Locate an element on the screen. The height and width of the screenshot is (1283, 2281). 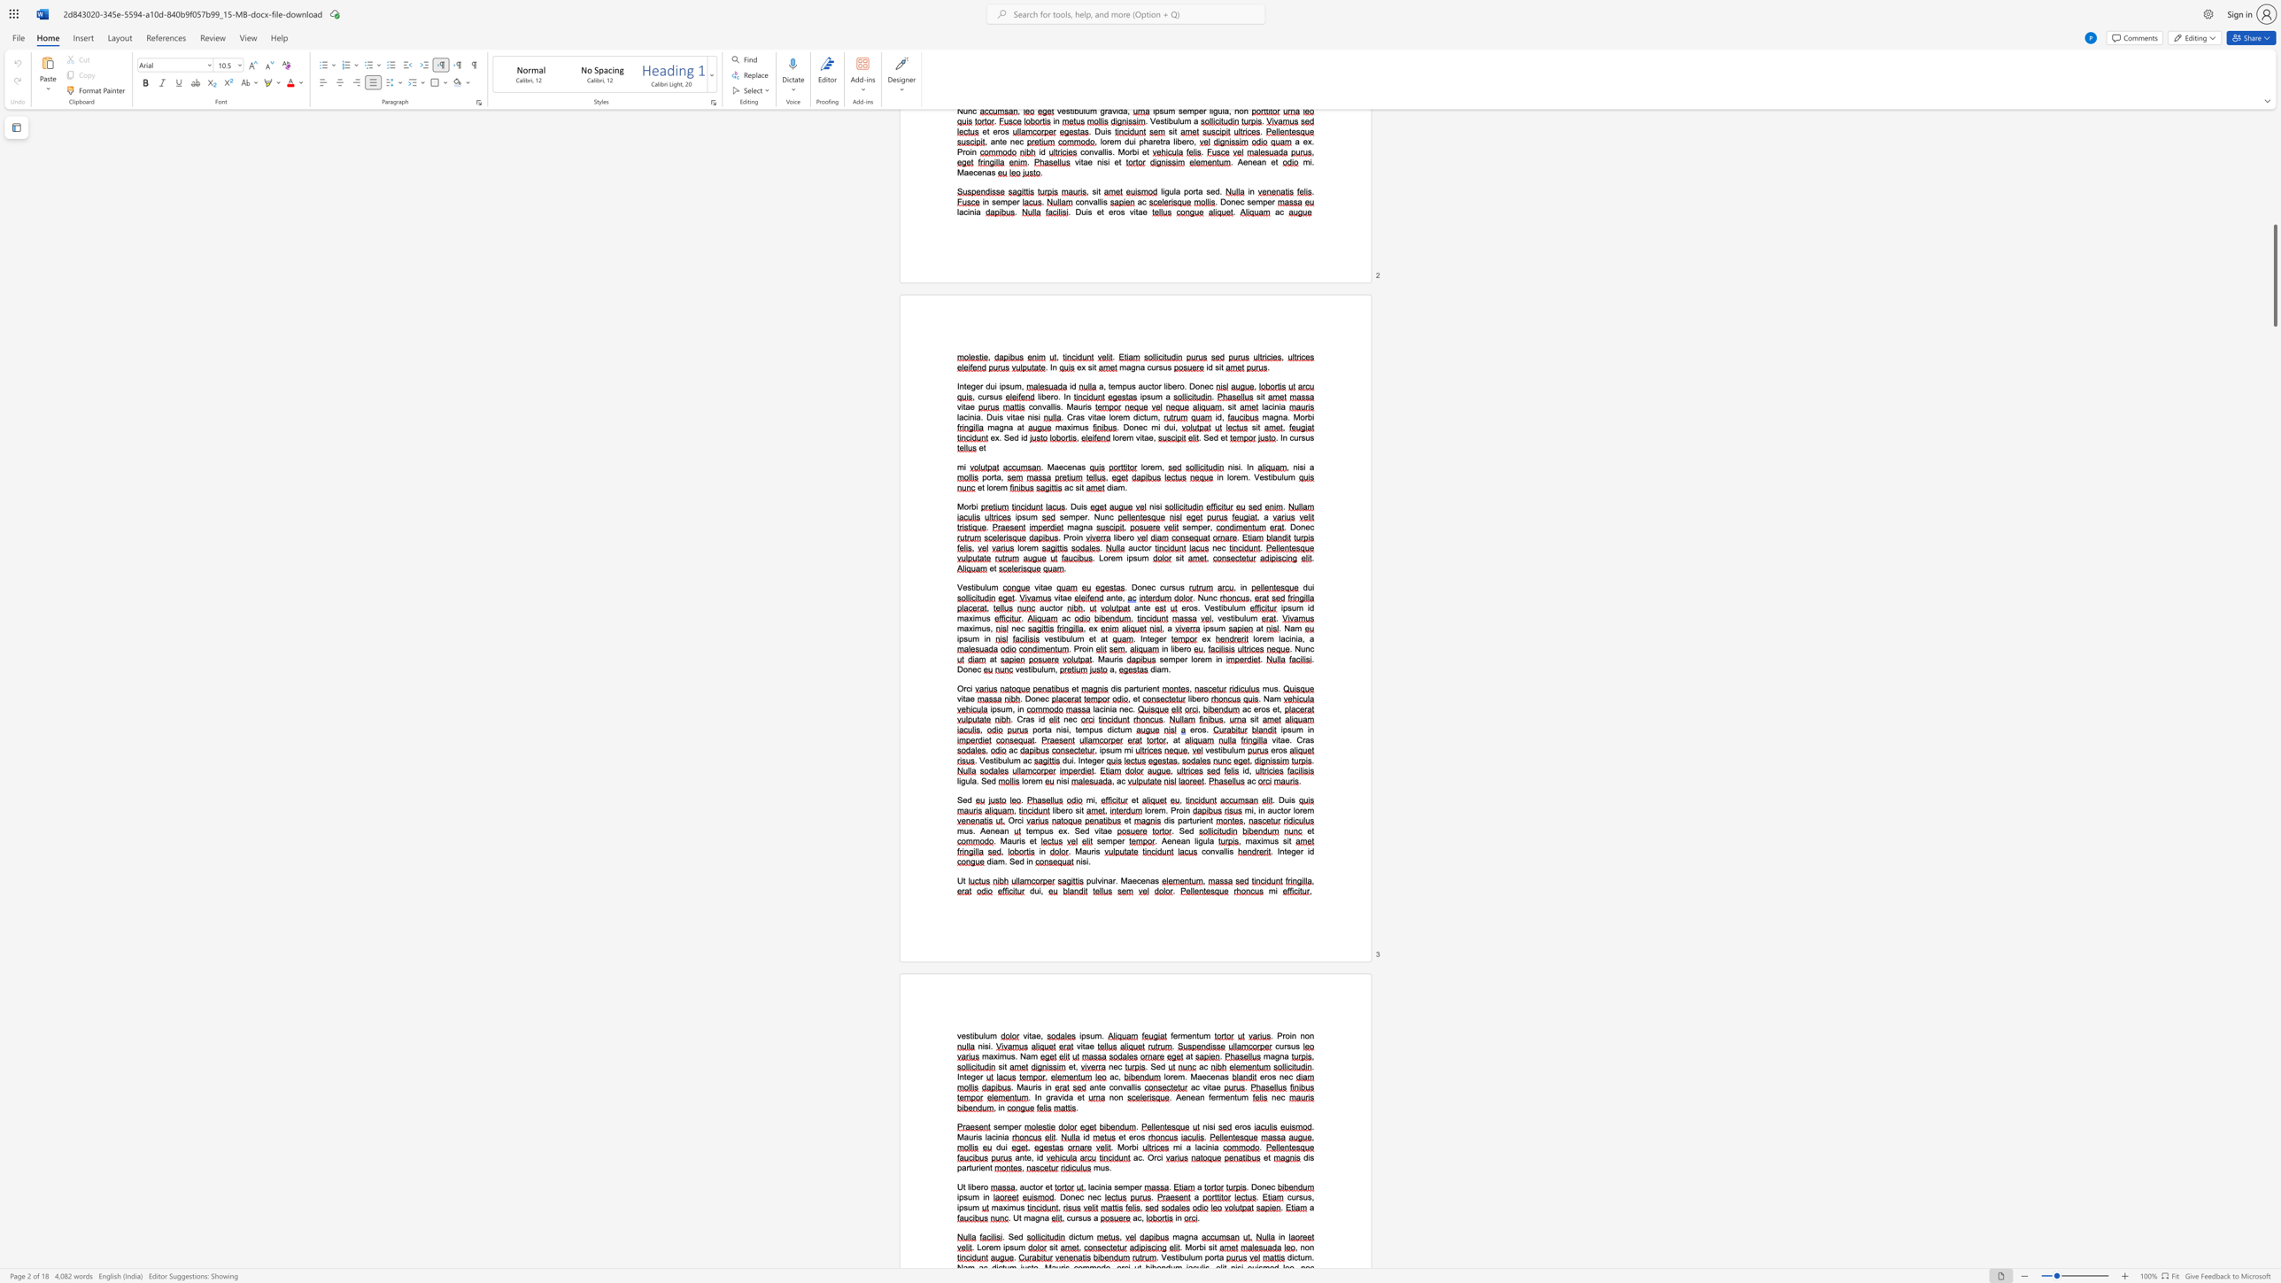
the space between the continuous character "C" and "r" in the text is located at coordinates (1301, 739).